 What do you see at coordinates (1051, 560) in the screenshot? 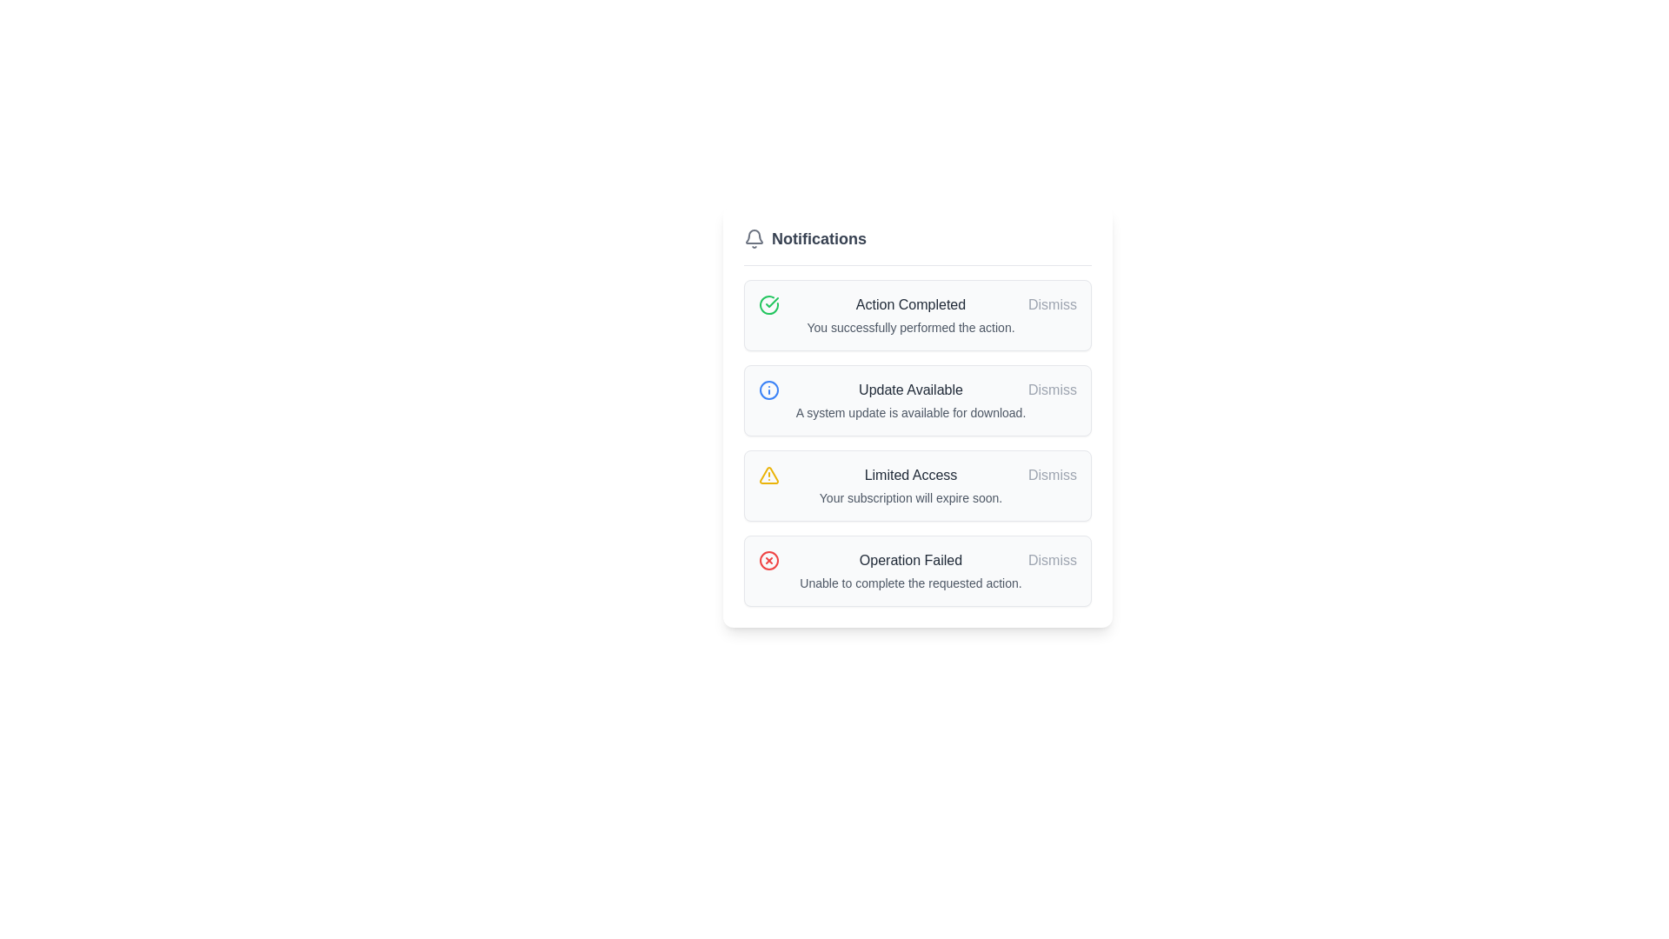
I see `the 'Dismiss' button located at the top right corner of the 'Operation Failed' notification card` at bounding box center [1051, 560].